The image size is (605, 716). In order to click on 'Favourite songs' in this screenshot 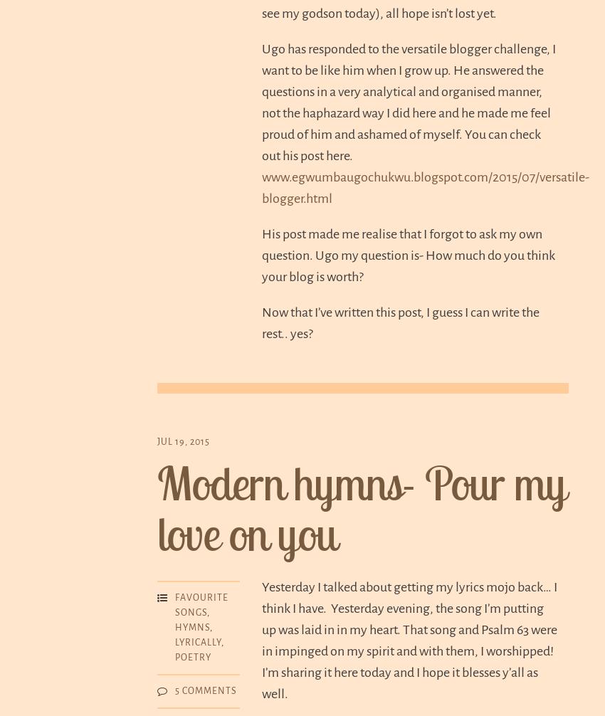, I will do `click(174, 604)`.